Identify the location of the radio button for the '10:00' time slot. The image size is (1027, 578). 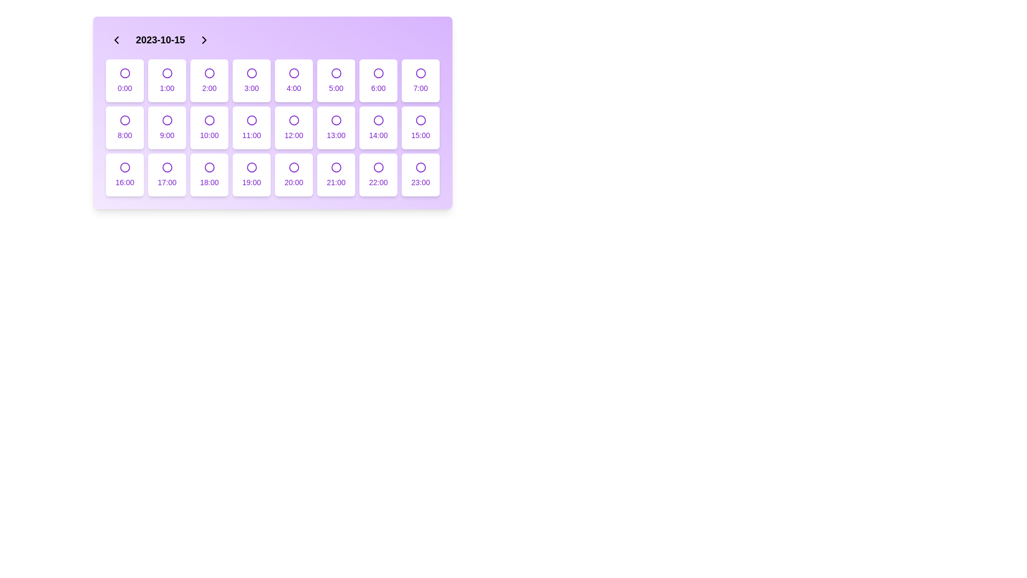
(209, 120).